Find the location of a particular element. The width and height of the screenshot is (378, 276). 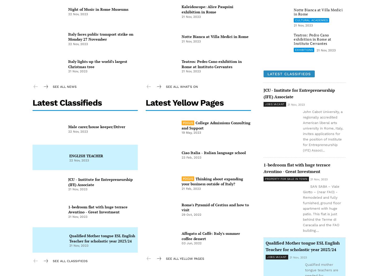

'Italy faces public transport strike on Monday 27 November' is located at coordinates (101, 36).